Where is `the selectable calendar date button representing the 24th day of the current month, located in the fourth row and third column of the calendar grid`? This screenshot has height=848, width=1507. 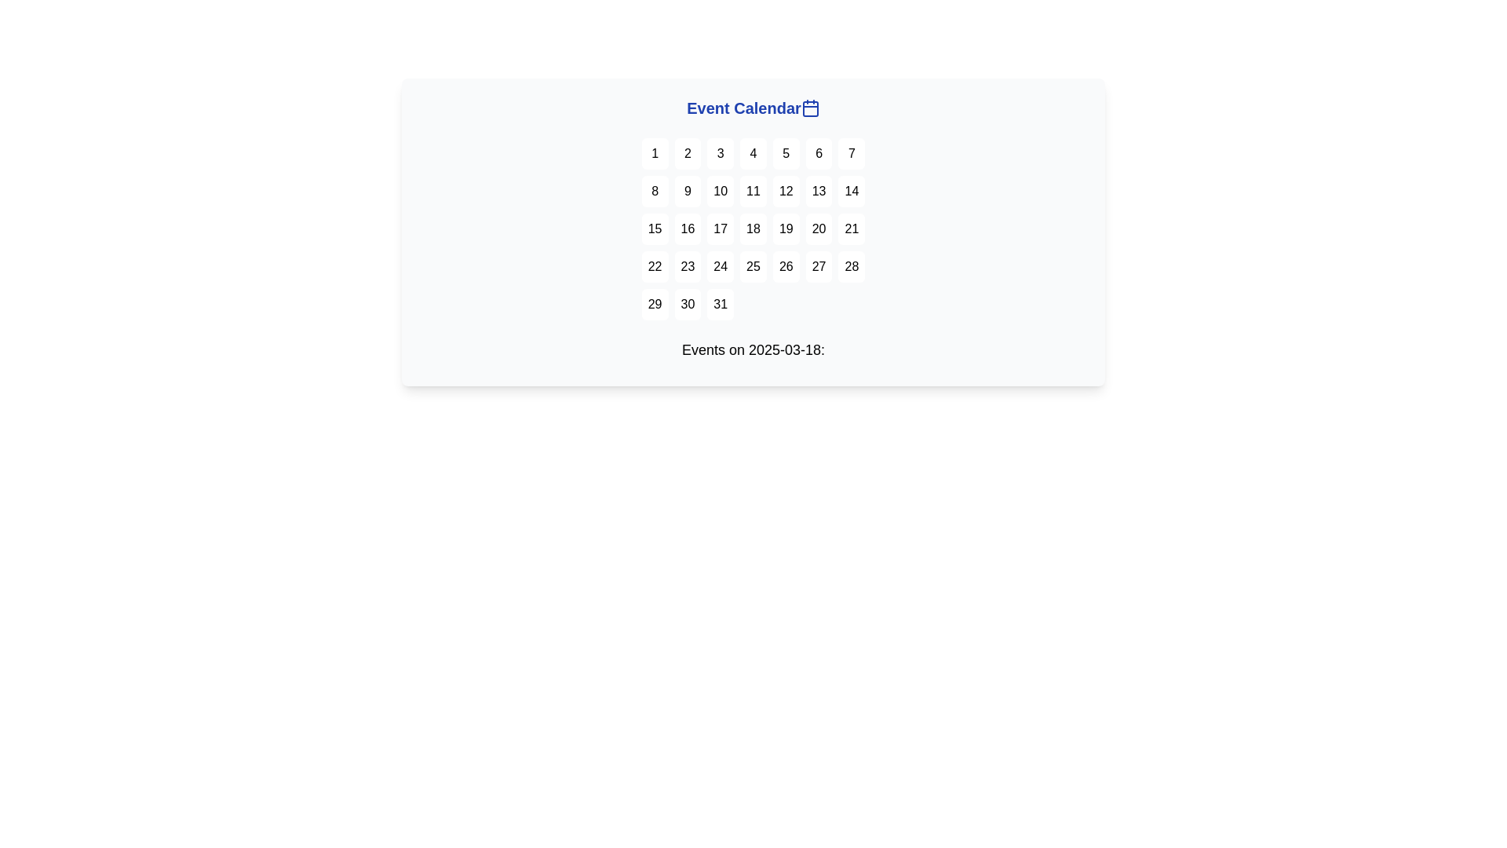 the selectable calendar date button representing the 24th day of the current month, located in the fourth row and third column of the calendar grid is located at coordinates (720, 265).